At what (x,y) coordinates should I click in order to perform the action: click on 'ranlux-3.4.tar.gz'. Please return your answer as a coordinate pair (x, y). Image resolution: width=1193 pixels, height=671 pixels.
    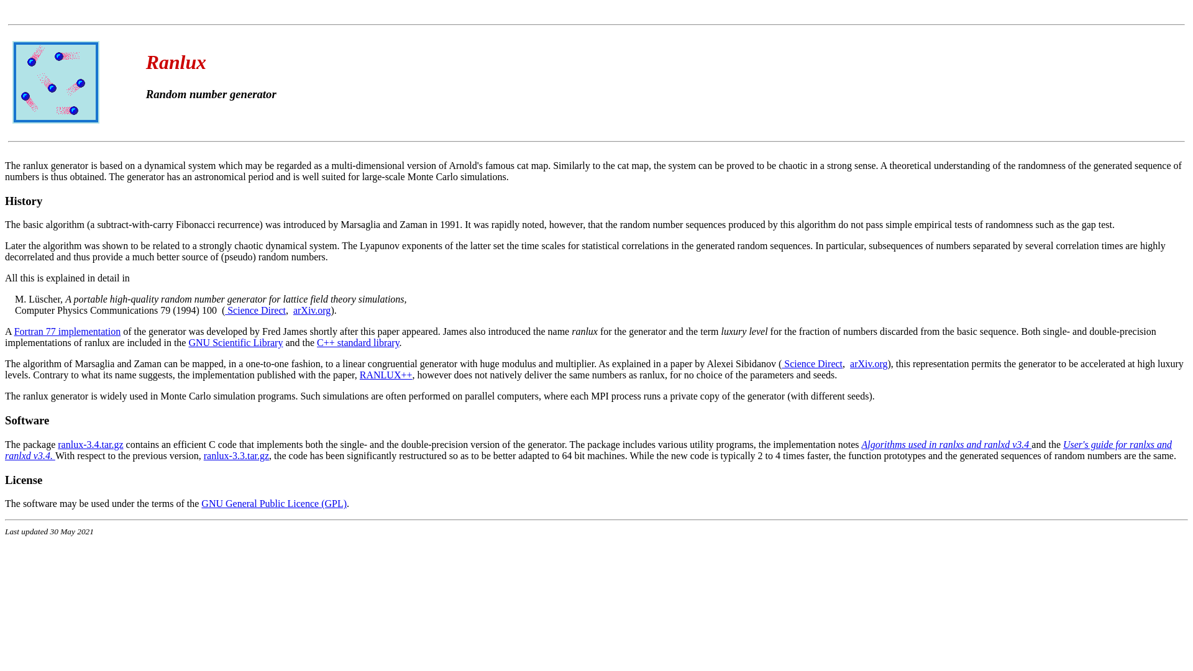
    Looking at the image, I should click on (89, 444).